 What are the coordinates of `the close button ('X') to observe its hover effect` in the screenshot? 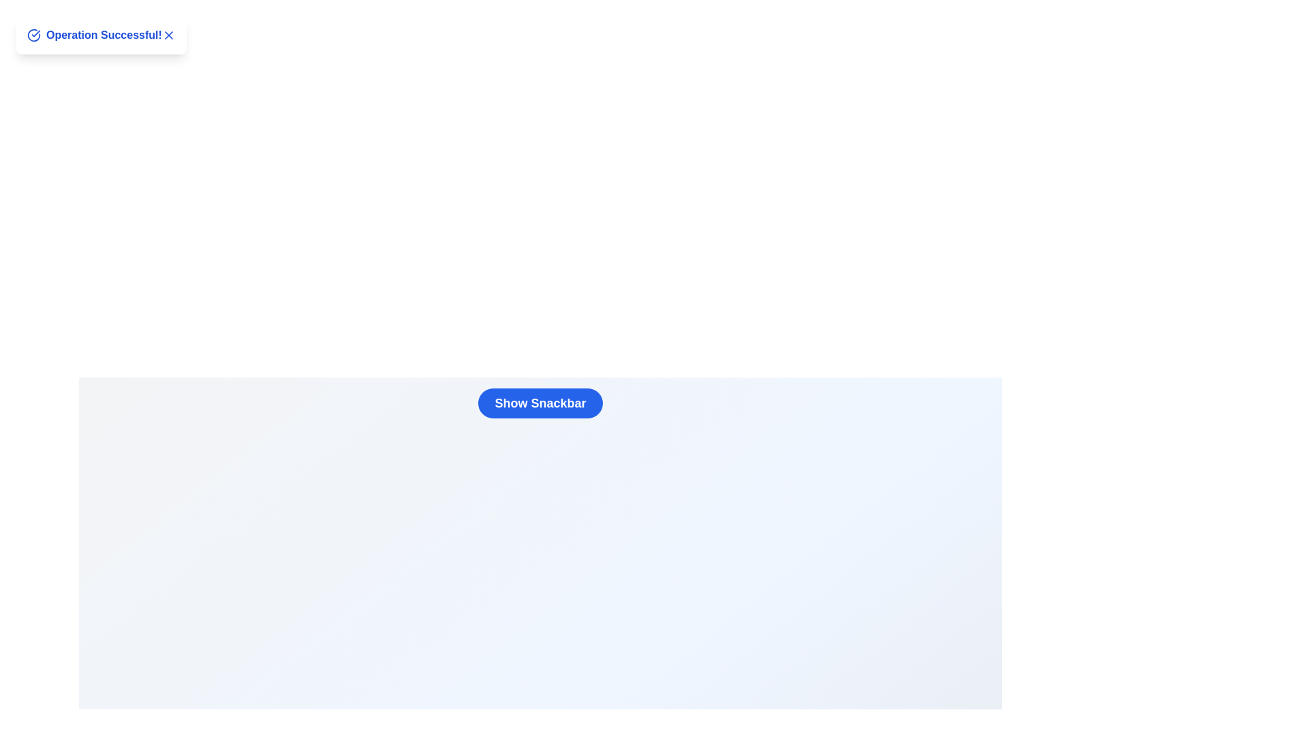 It's located at (168, 34).